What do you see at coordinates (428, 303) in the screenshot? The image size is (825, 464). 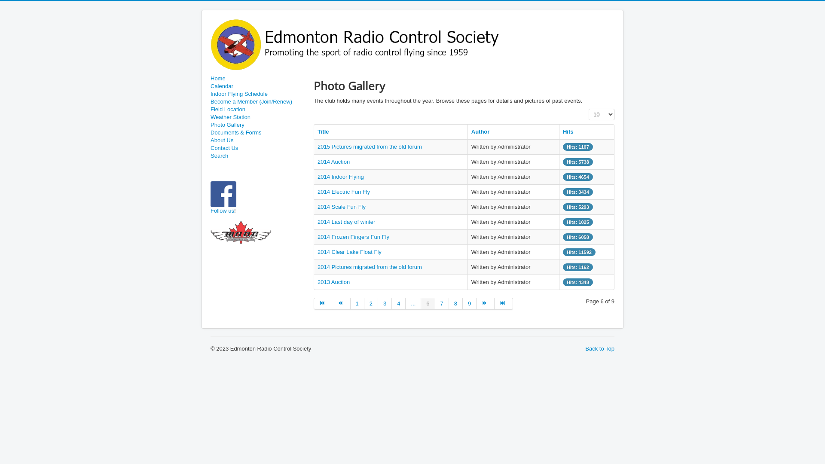 I see `'6'` at bounding box center [428, 303].